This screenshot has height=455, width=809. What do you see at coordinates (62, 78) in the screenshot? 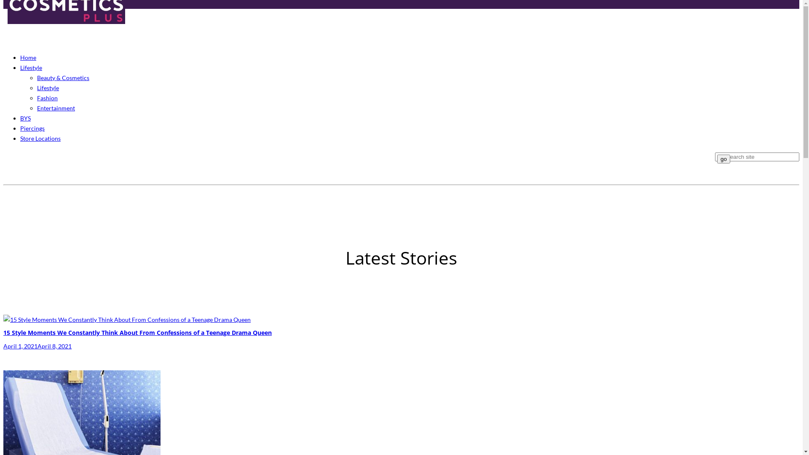
I see `'Beauty & Cosmetics'` at bounding box center [62, 78].